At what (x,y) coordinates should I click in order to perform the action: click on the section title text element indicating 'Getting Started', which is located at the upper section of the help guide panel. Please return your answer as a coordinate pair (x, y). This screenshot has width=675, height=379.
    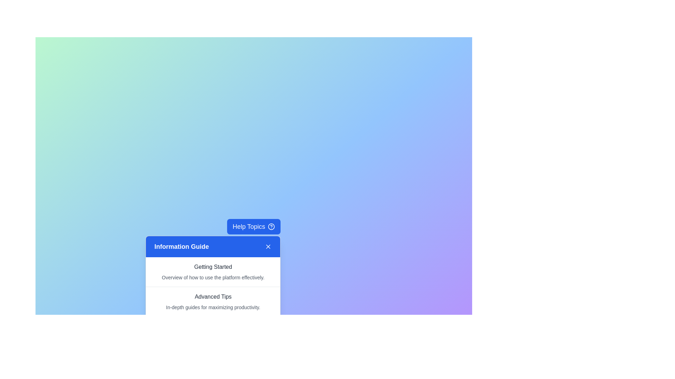
    Looking at the image, I should click on (213, 267).